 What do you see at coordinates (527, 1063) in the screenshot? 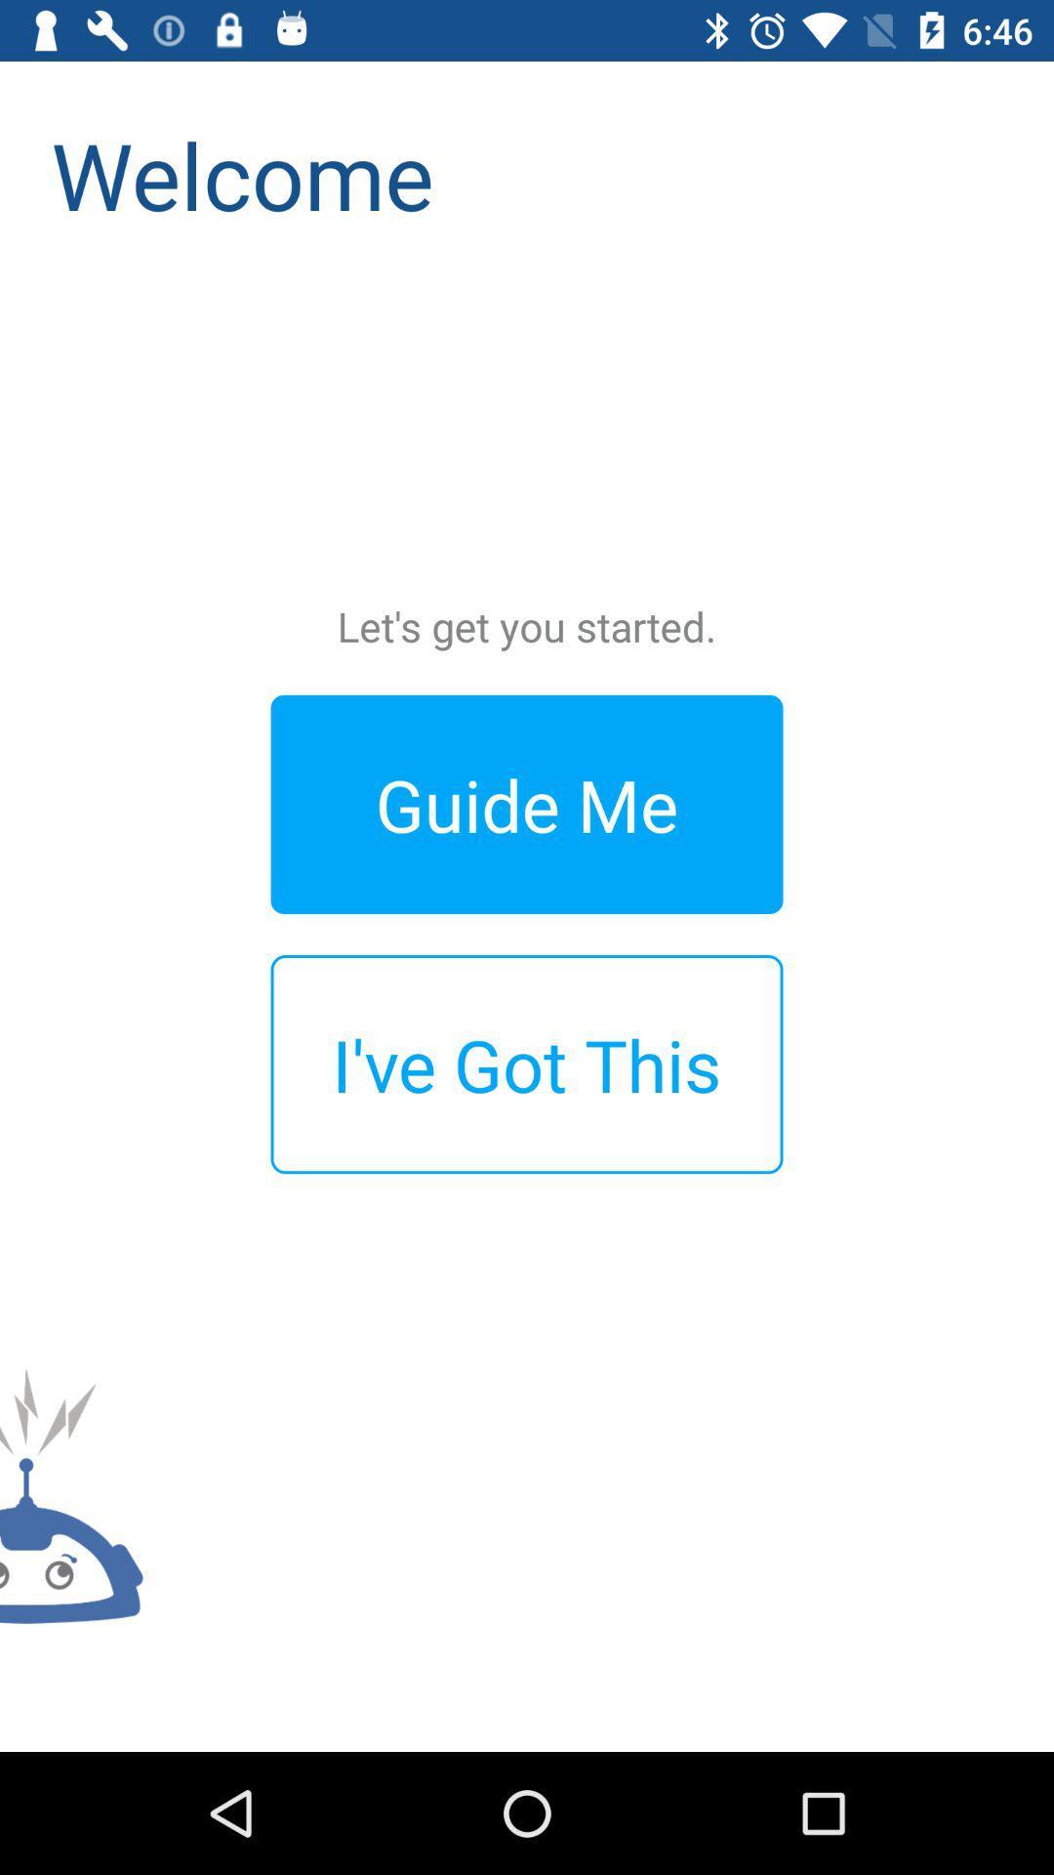
I see `the i ve got button` at bounding box center [527, 1063].